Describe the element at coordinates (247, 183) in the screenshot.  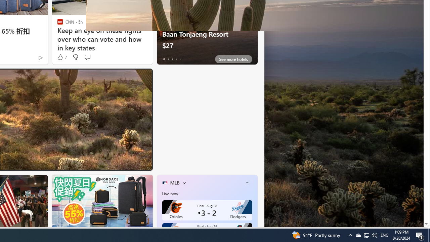
I see `'Class: icon-img'` at that location.